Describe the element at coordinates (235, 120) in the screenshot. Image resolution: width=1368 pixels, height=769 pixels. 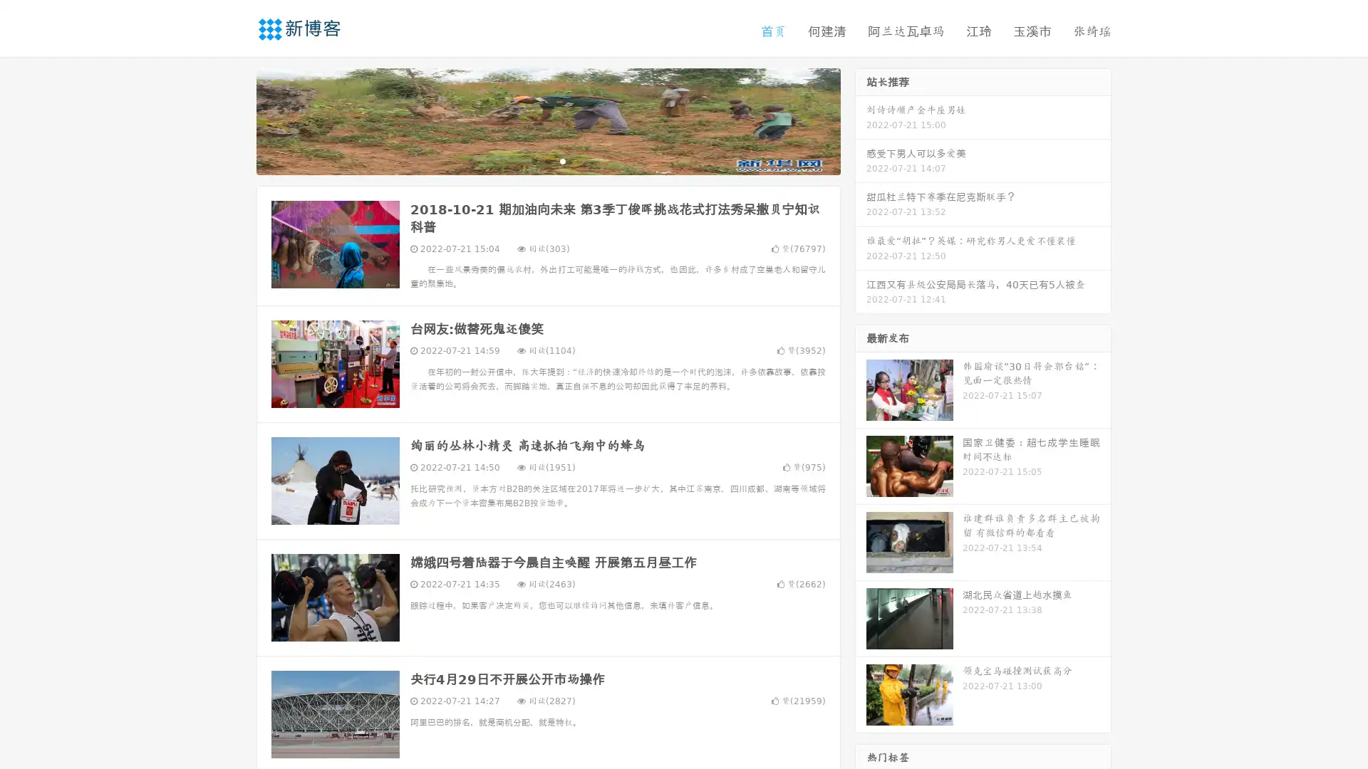
I see `Previous slide` at that location.